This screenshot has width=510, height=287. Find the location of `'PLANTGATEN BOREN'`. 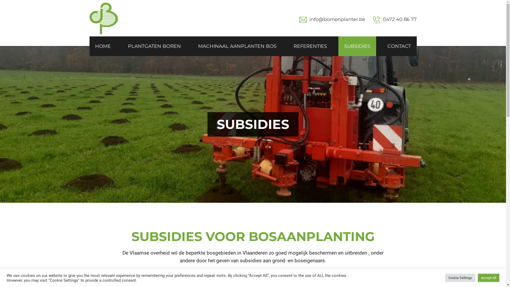

'PLANTGATEN BOREN' is located at coordinates (154, 46).